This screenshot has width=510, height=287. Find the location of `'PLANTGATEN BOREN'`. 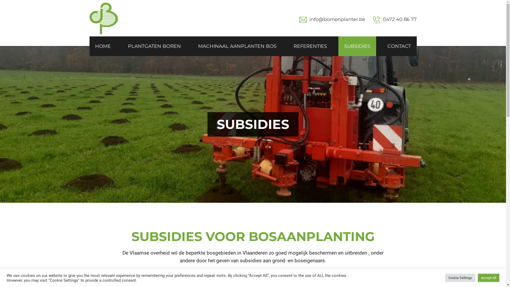

'PLANTGATEN BOREN' is located at coordinates (154, 46).